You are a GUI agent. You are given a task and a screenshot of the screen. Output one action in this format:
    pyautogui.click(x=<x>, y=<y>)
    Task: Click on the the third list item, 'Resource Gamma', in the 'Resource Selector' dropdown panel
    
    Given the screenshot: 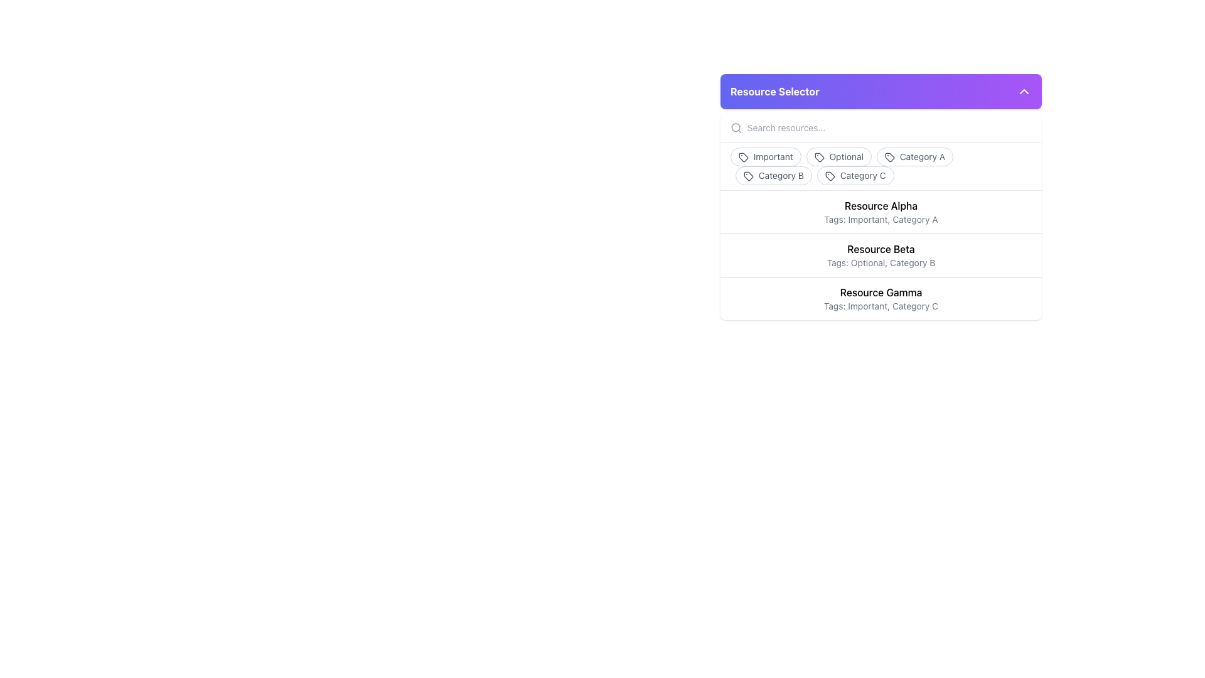 What is the action you would take?
    pyautogui.click(x=880, y=298)
    